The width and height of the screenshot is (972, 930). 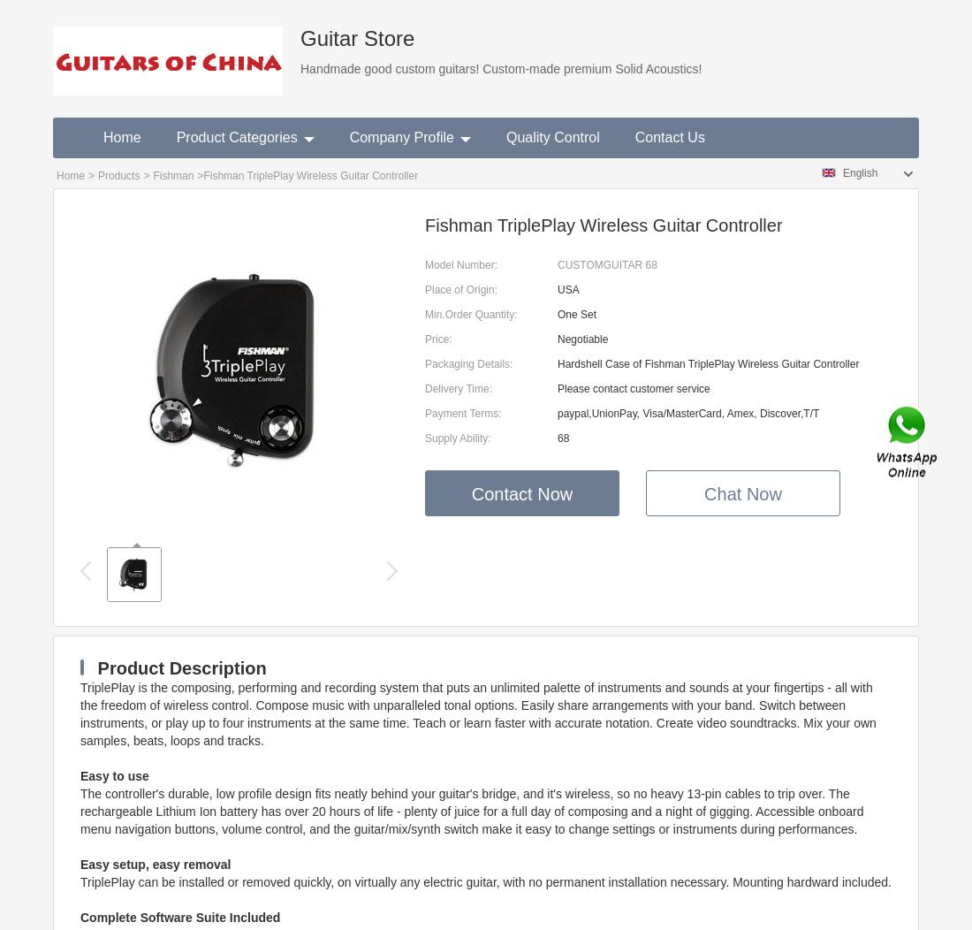 I want to click on 'Products', so click(x=97, y=176).